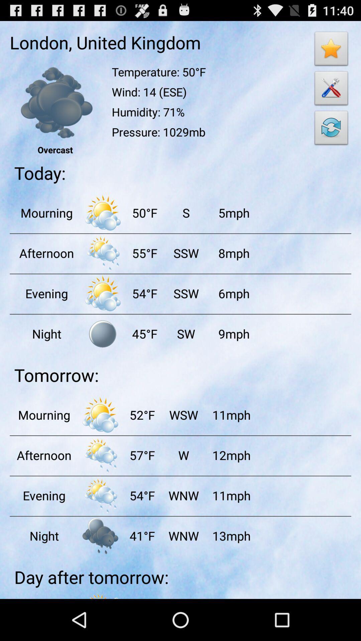  I want to click on rating, so click(331, 50).